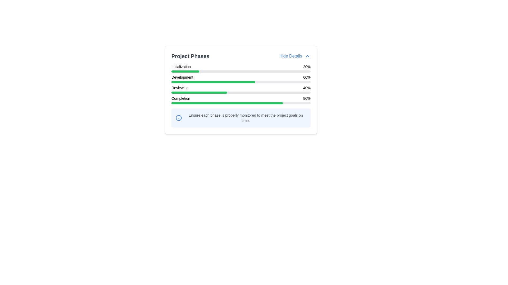 This screenshot has width=508, height=285. What do you see at coordinates (241, 100) in the screenshot?
I see `the 'Completion' progress bar, which is the last of four progress bars and shows an 80% completion indication on the right` at bounding box center [241, 100].